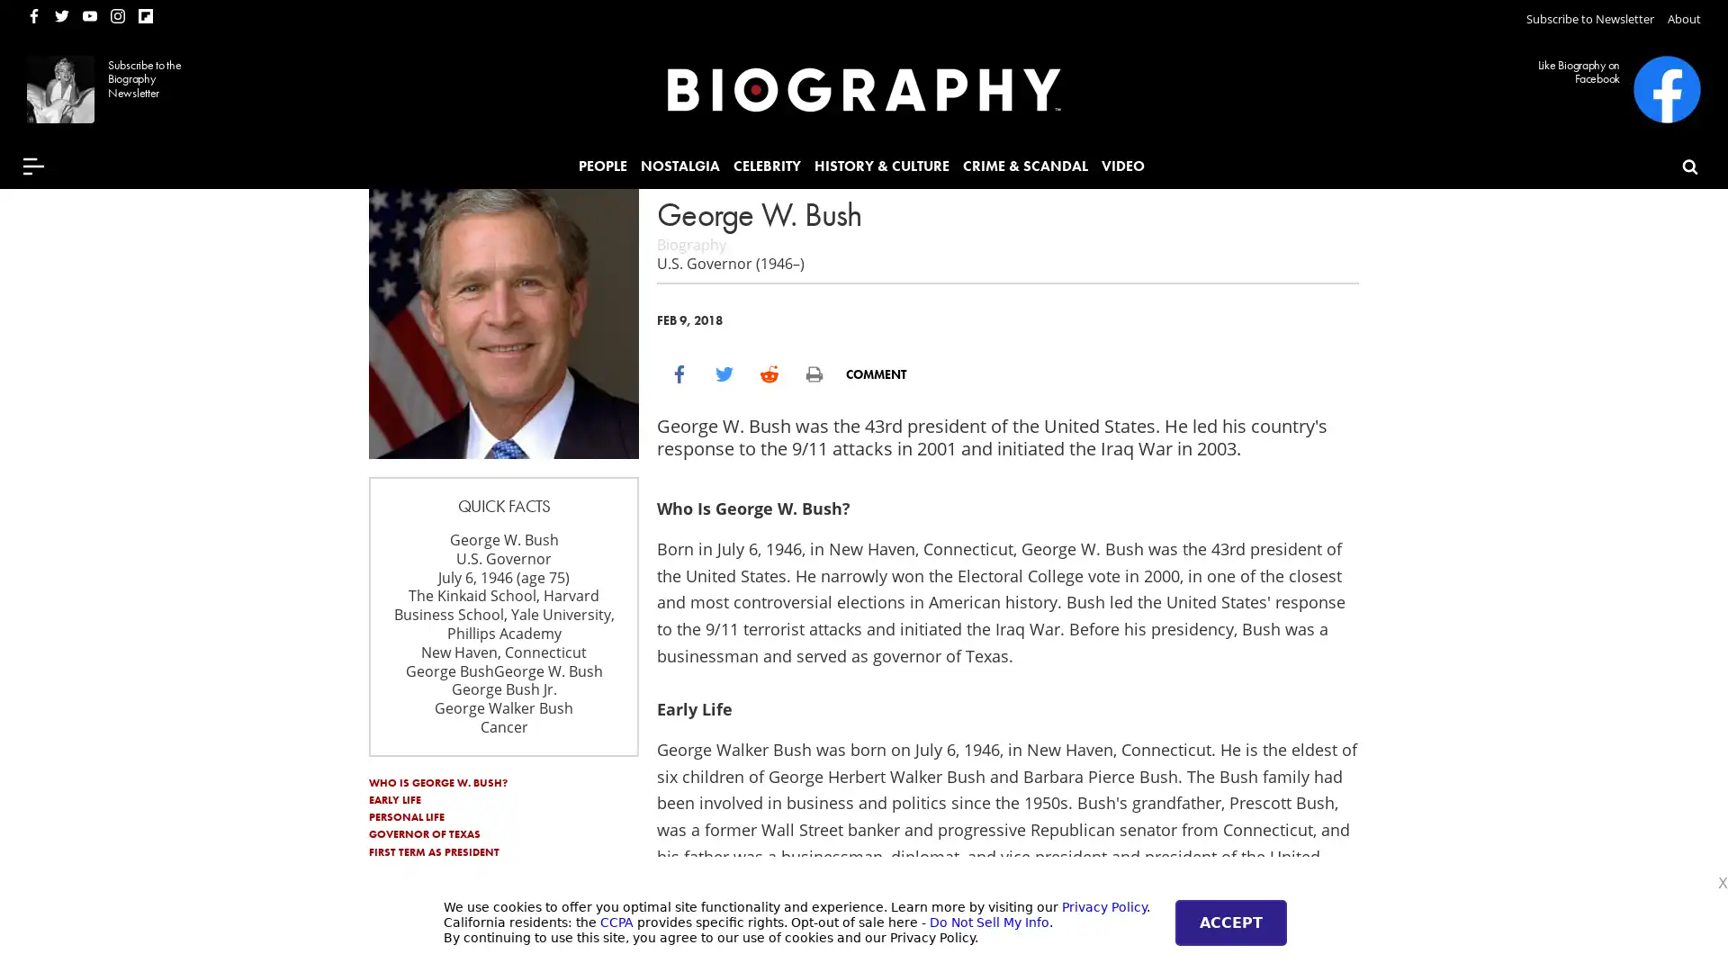  What do you see at coordinates (33, 166) in the screenshot?
I see `Menu` at bounding box center [33, 166].